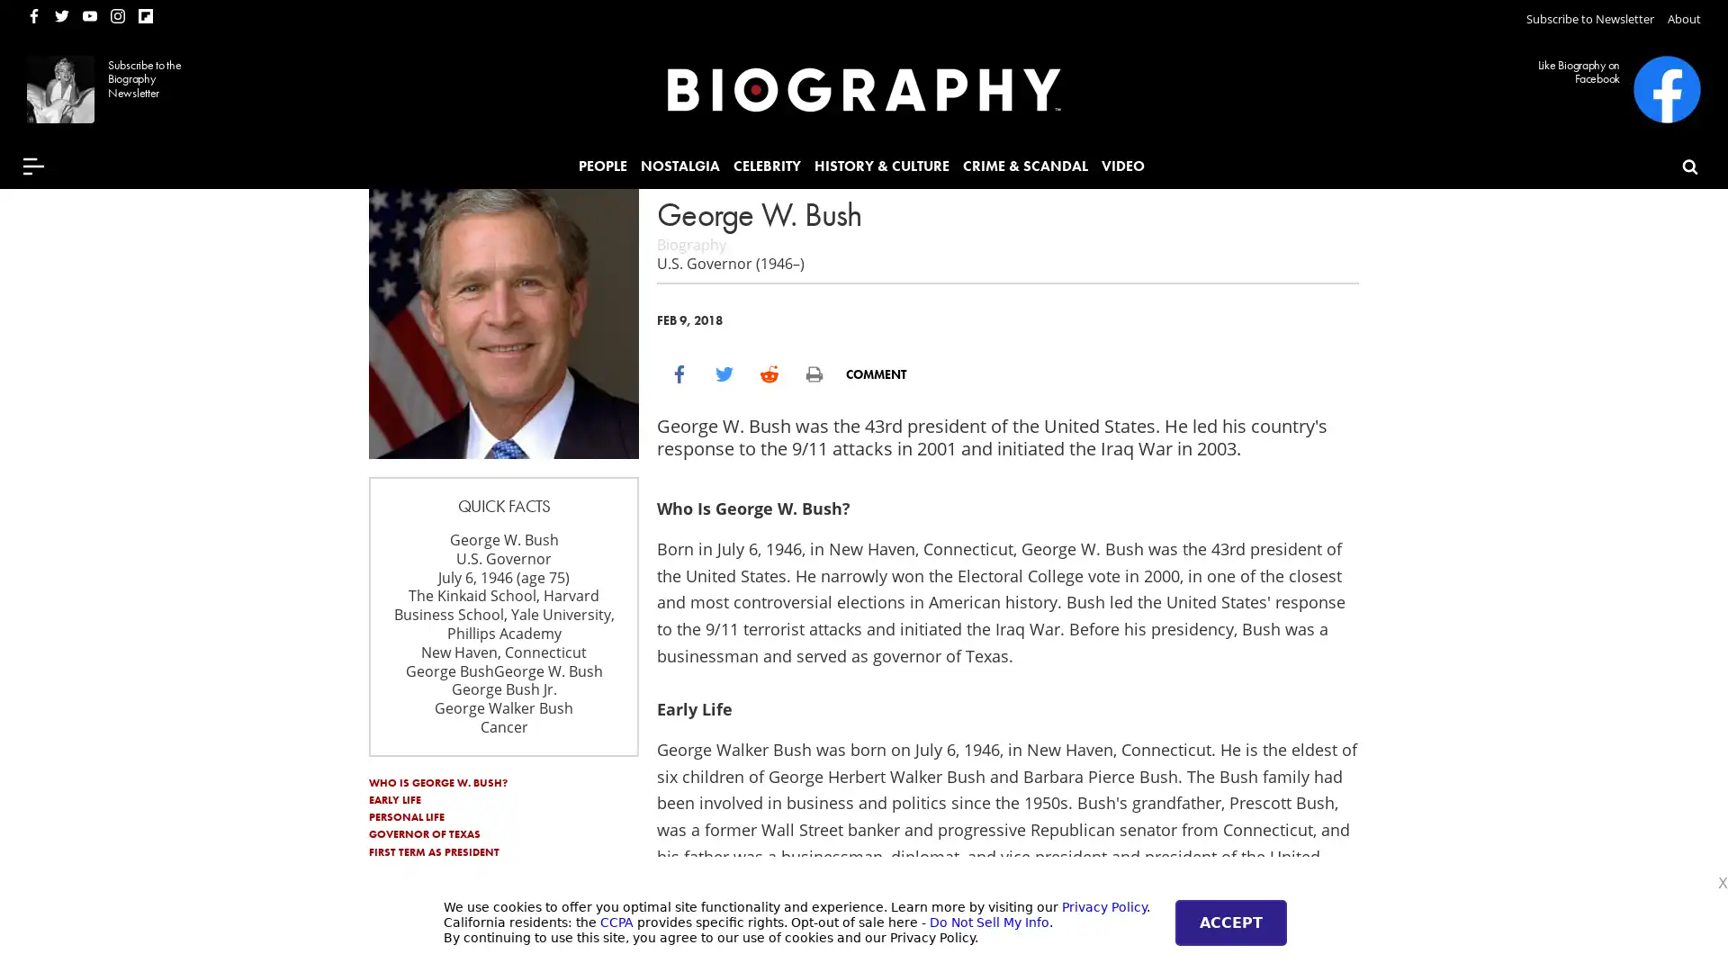  What do you see at coordinates (33, 166) in the screenshot?
I see `Menu` at bounding box center [33, 166].